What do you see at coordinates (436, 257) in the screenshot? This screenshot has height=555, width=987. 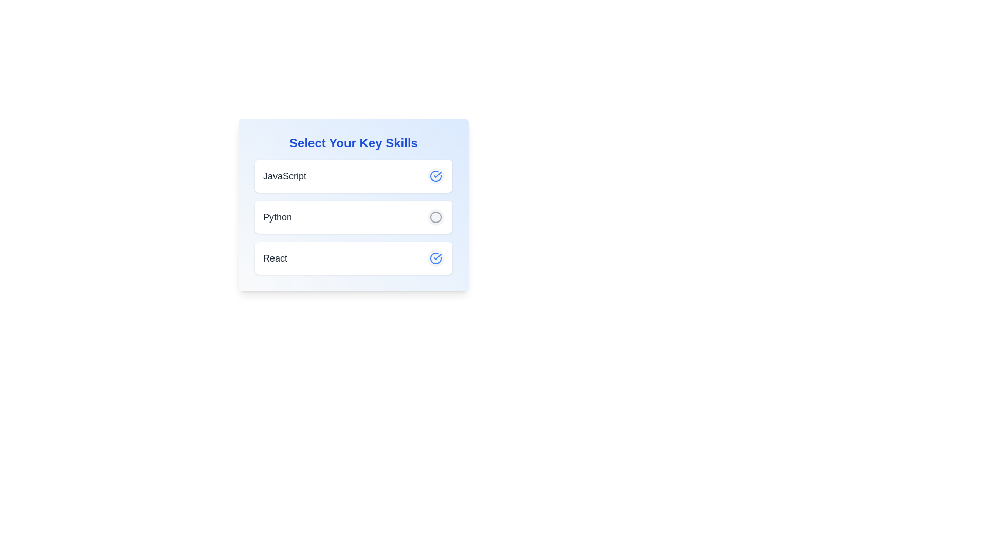 I see `the skill React by clicking its associated button` at bounding box center [436, 257].